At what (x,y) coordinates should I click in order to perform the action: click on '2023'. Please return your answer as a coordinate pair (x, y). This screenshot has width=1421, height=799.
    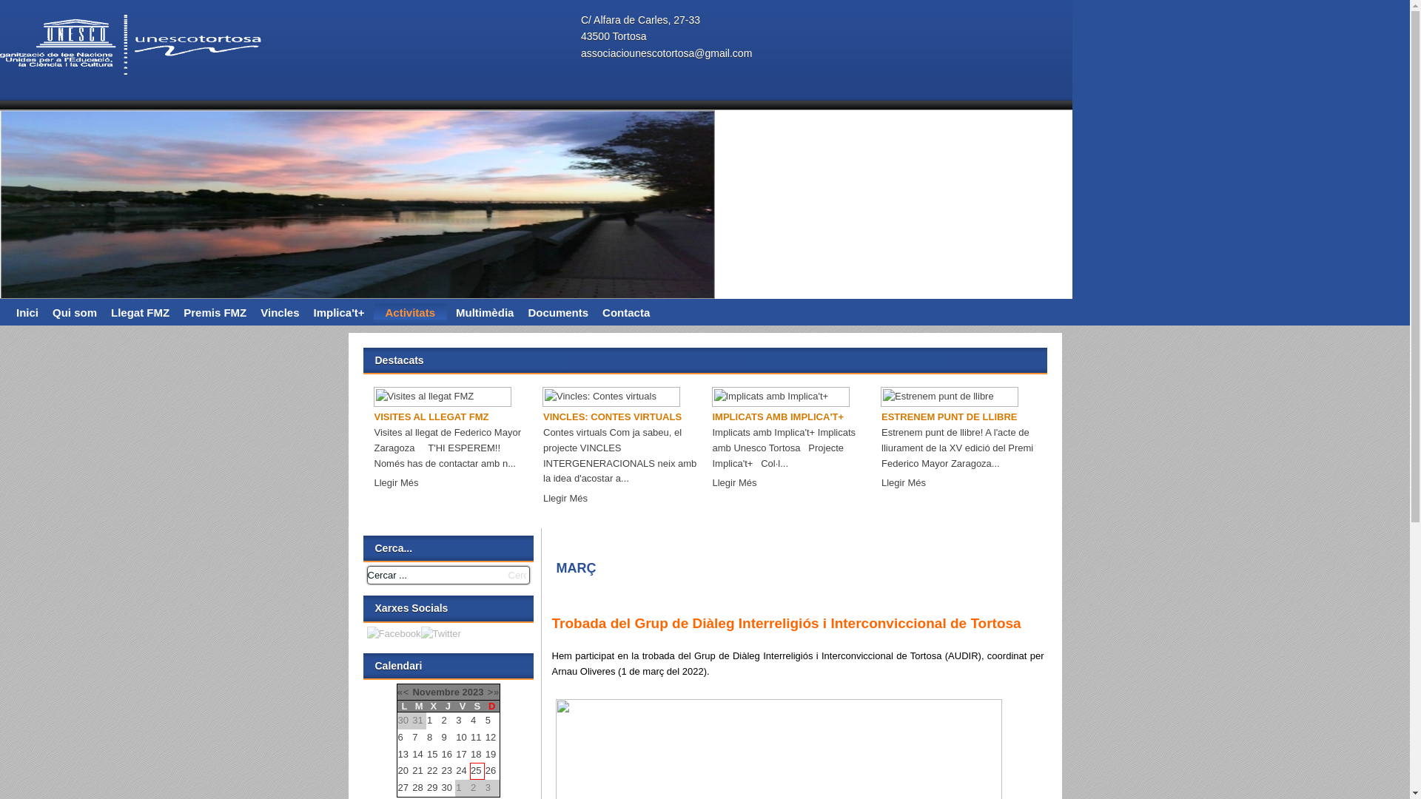
    Looking at the image, I should click on (461, 692).